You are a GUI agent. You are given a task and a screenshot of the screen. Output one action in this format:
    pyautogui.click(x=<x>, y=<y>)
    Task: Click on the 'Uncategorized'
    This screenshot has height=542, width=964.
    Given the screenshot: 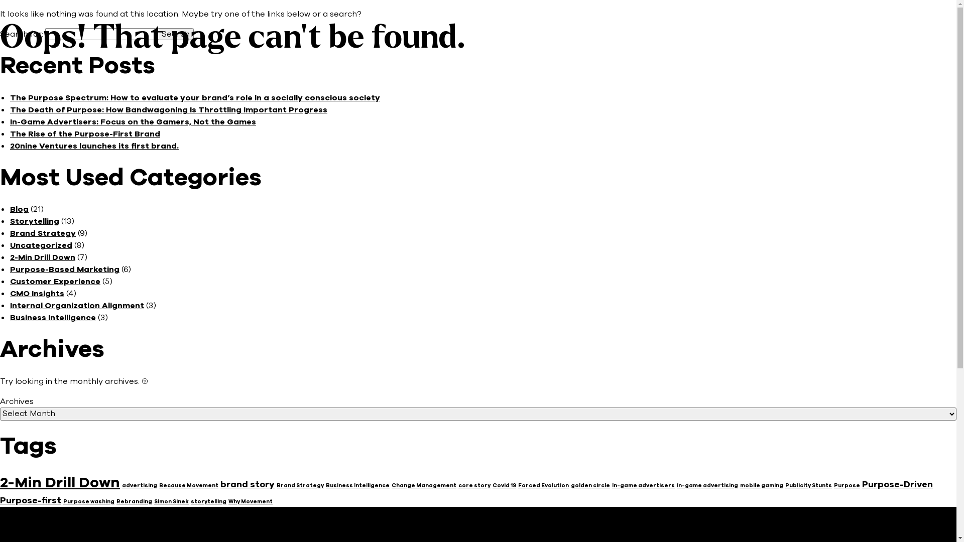 What is the action you would take?
    pyautogui.click(x=10, y=245)
    